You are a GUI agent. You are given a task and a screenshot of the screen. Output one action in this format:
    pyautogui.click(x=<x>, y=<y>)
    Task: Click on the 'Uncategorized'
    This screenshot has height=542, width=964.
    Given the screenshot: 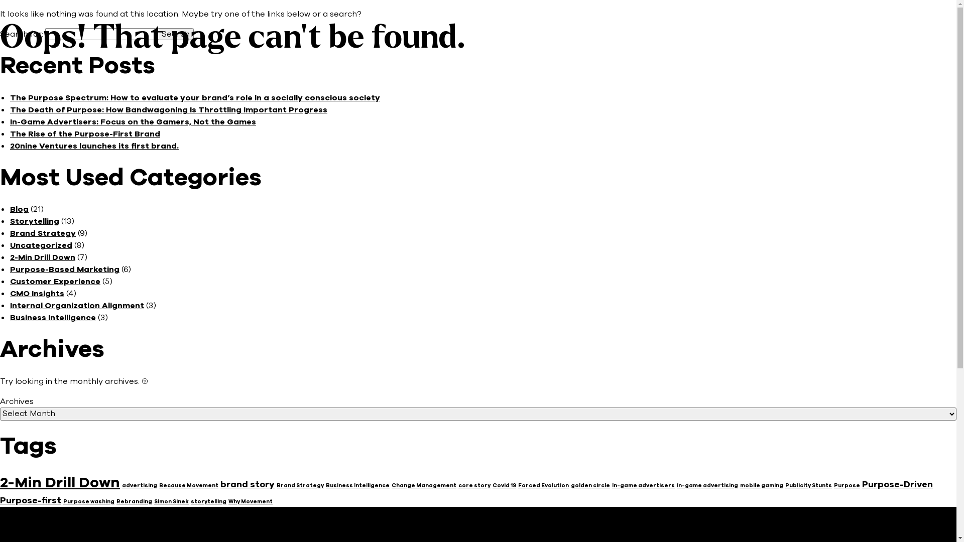 What is the action you would take?
    pyautogui.click(x=10, y=245)
    